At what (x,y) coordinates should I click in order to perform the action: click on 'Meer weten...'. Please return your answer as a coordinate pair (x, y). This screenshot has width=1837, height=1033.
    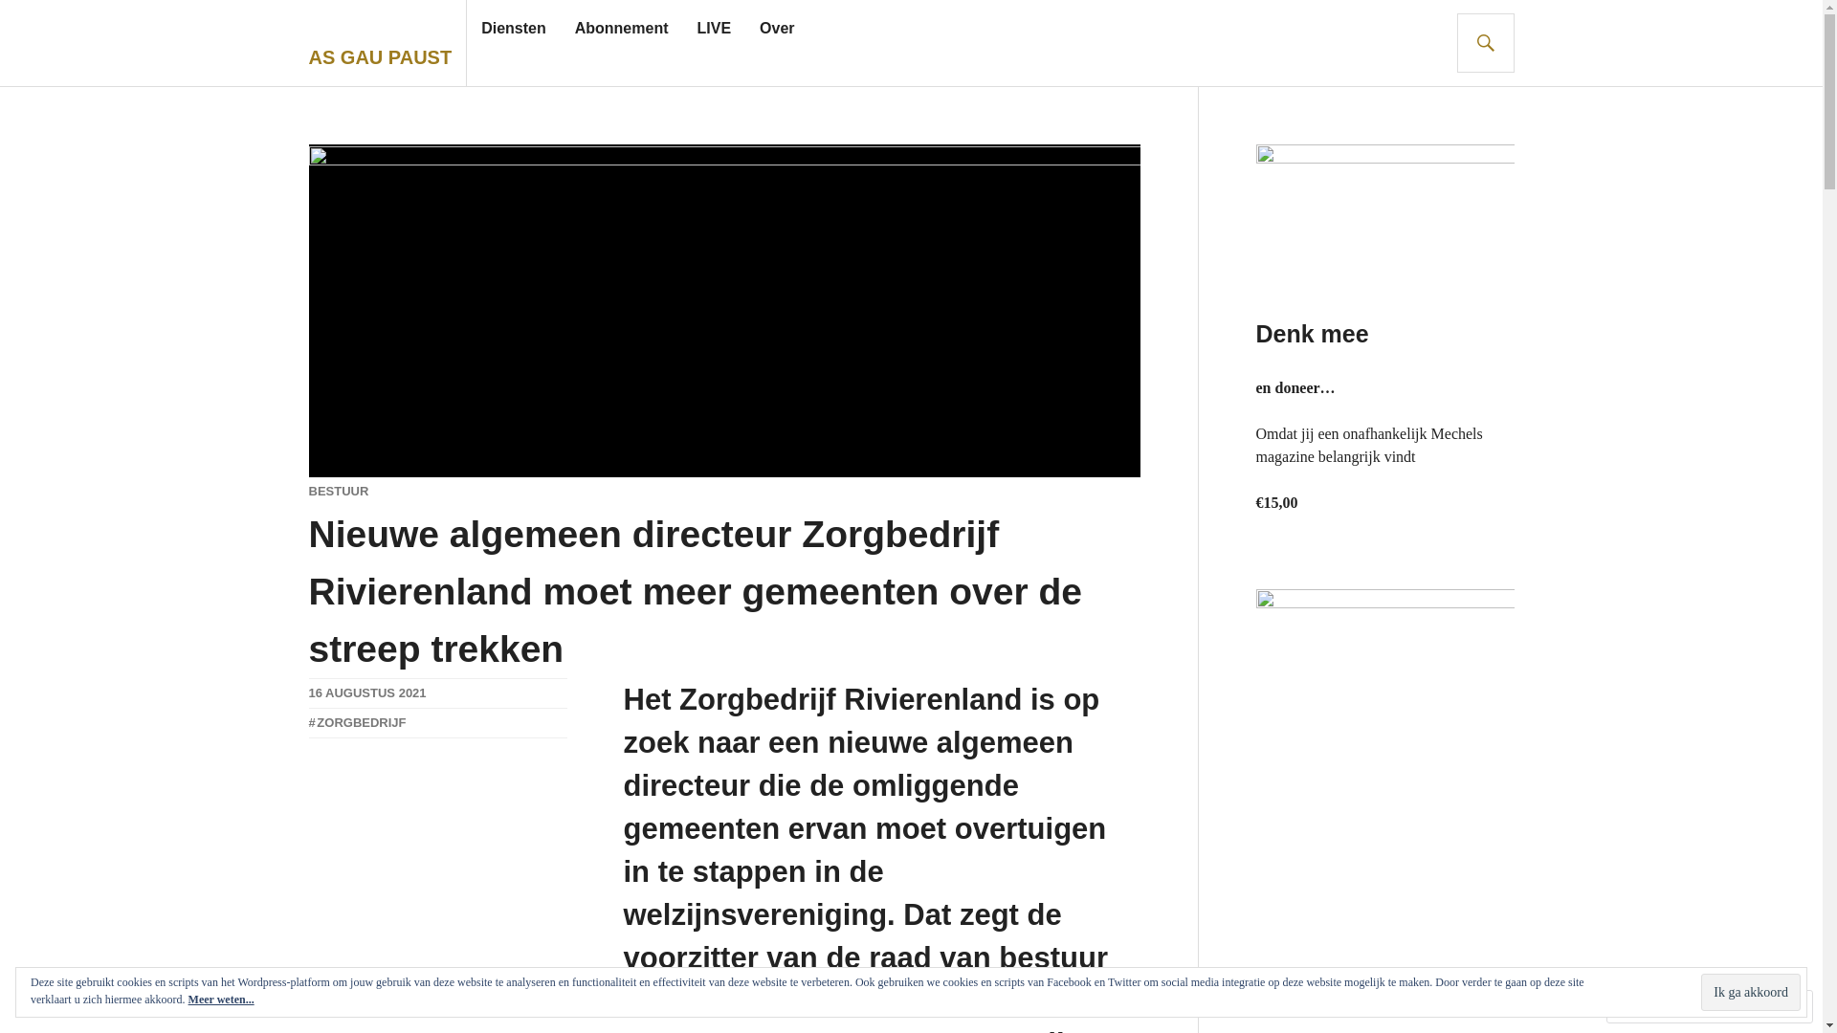
    Looking at the image, I should click on (221, 999).